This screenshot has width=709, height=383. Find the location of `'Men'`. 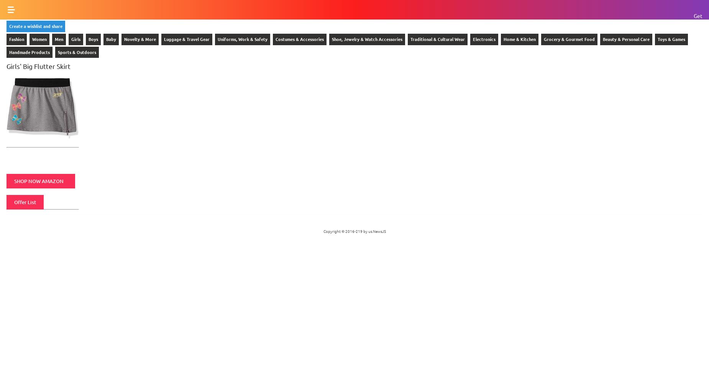

'Men' is located at coordinates (58, 38).